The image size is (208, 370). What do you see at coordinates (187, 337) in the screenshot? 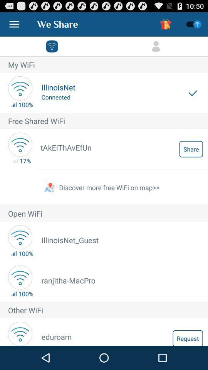
I see `item below other wifi` at bounding box center [187, 337].